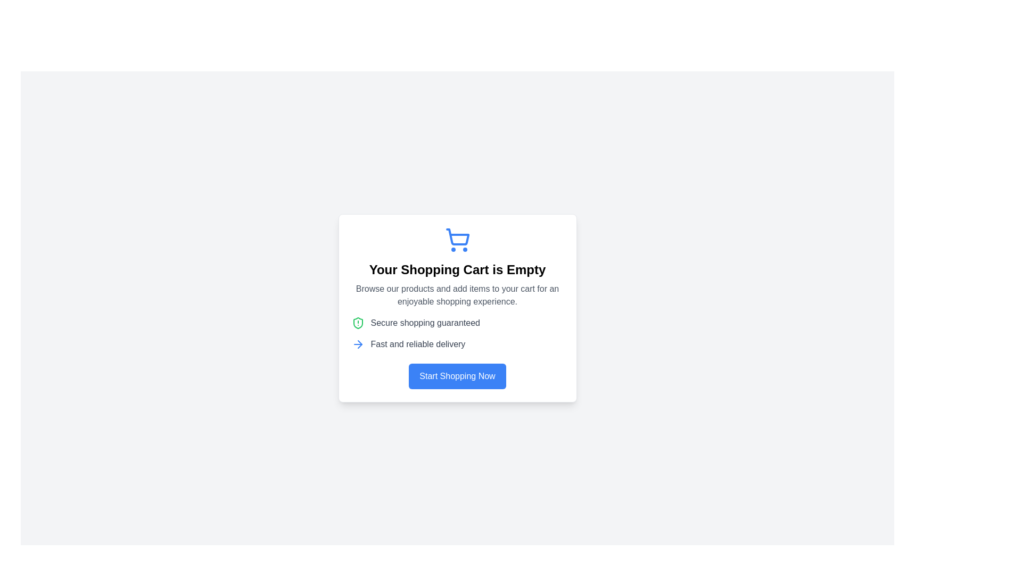 Image resolution: width=1022 pixels, height=575 pixels. Describe the element at coordinates (457, 322) in the screenshot. I see `the informative text element displaying 'Secure shopping guaranteed' with a shield icon that has a green edge and an alert symbol in the center` at that location.